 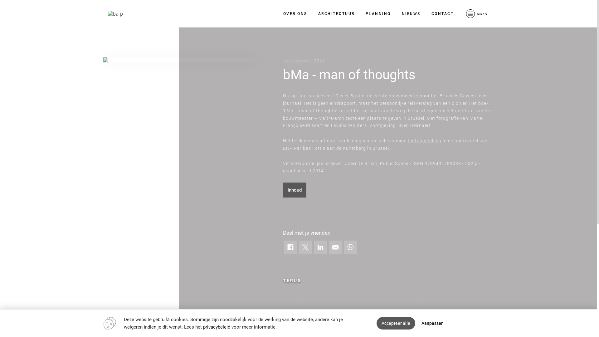 What do you see at coordinates (432, 323) in the screenshot?
I see `'Aanpassen'` at bounding box center [432, 323].